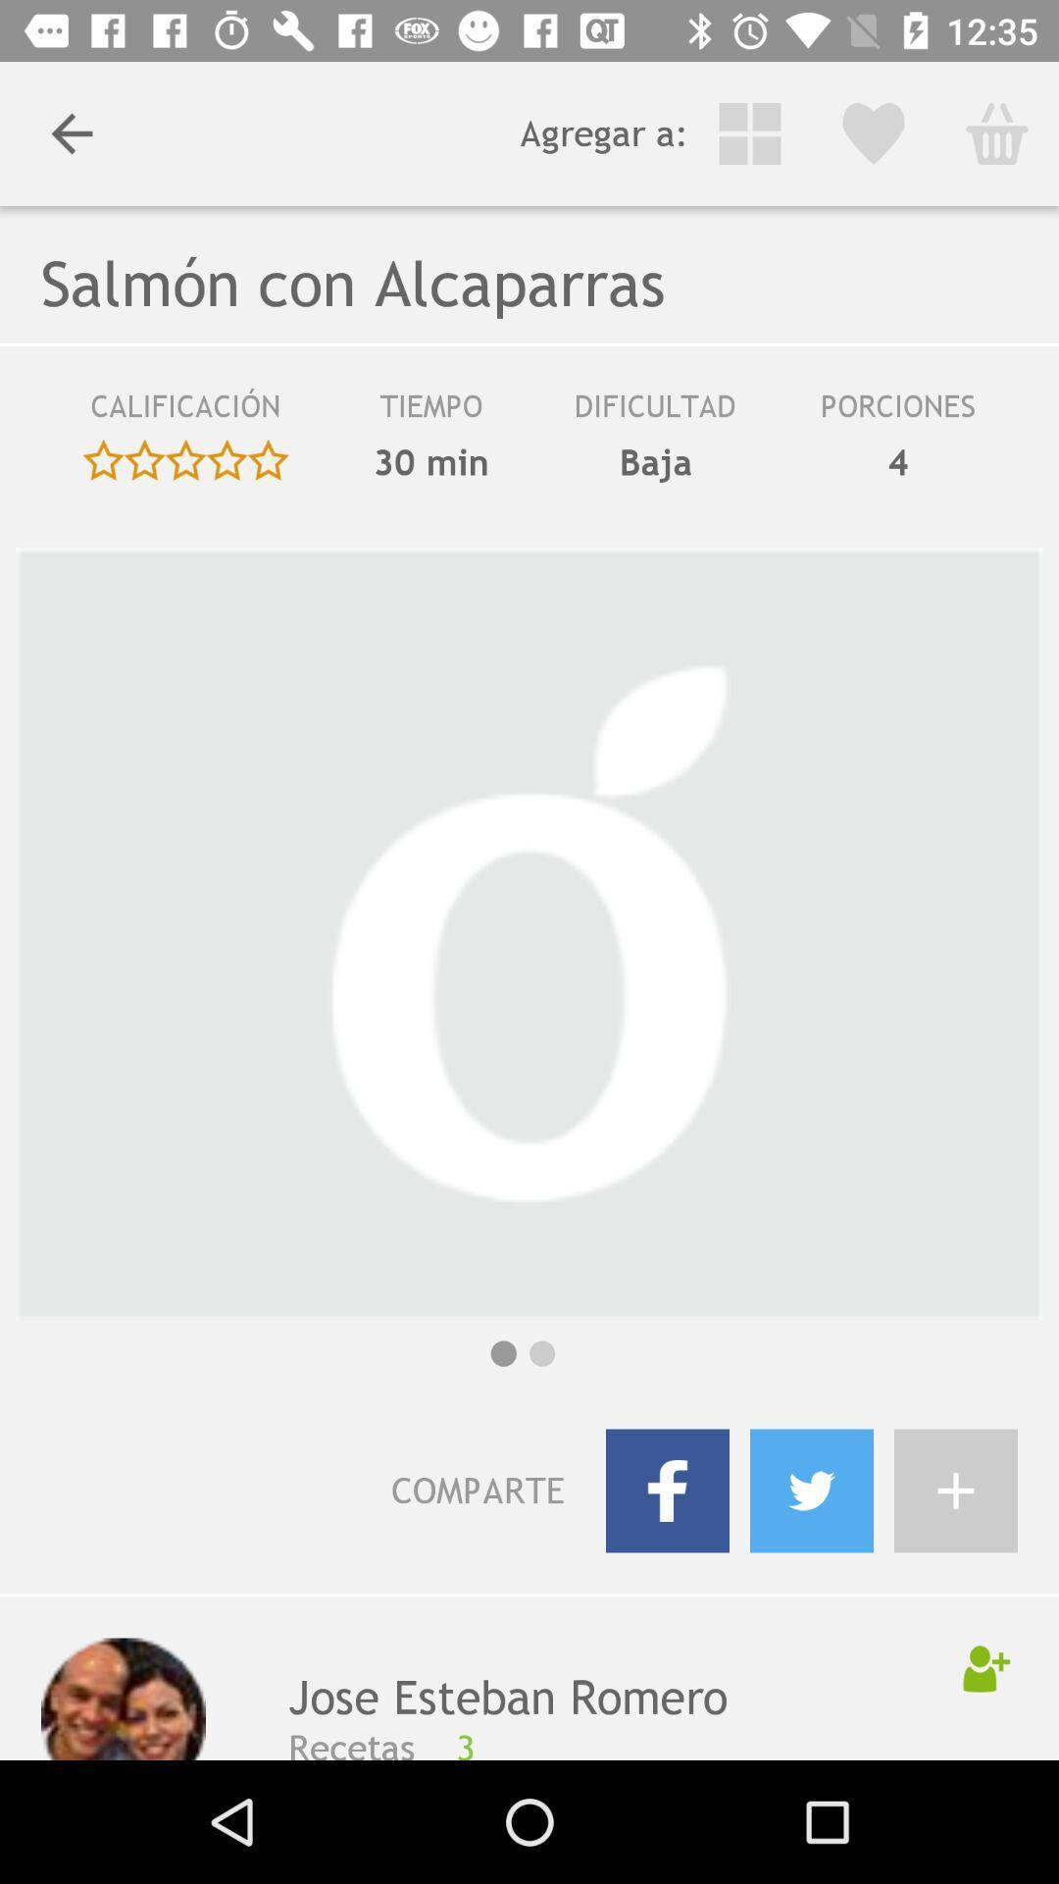  Describe the element at coordinates (430, 412) in the screenshot. I see `icon next to dificultad` at that location.